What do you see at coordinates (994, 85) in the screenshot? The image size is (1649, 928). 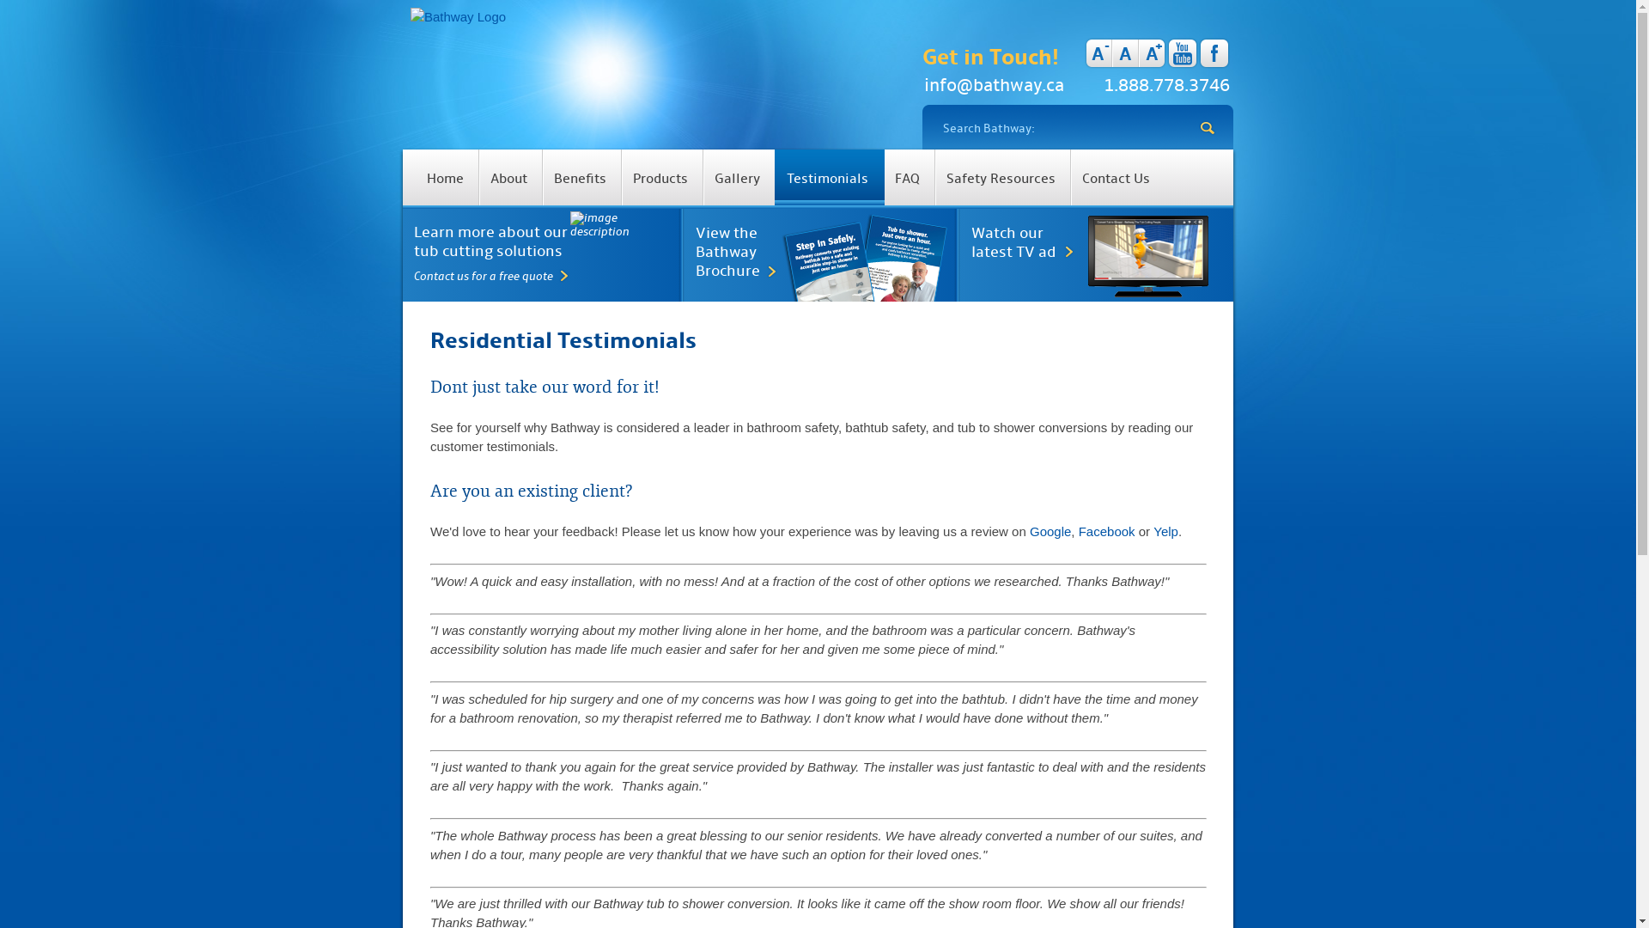 I see `'info@bathway.ca'` at bounding box center [994, 85].